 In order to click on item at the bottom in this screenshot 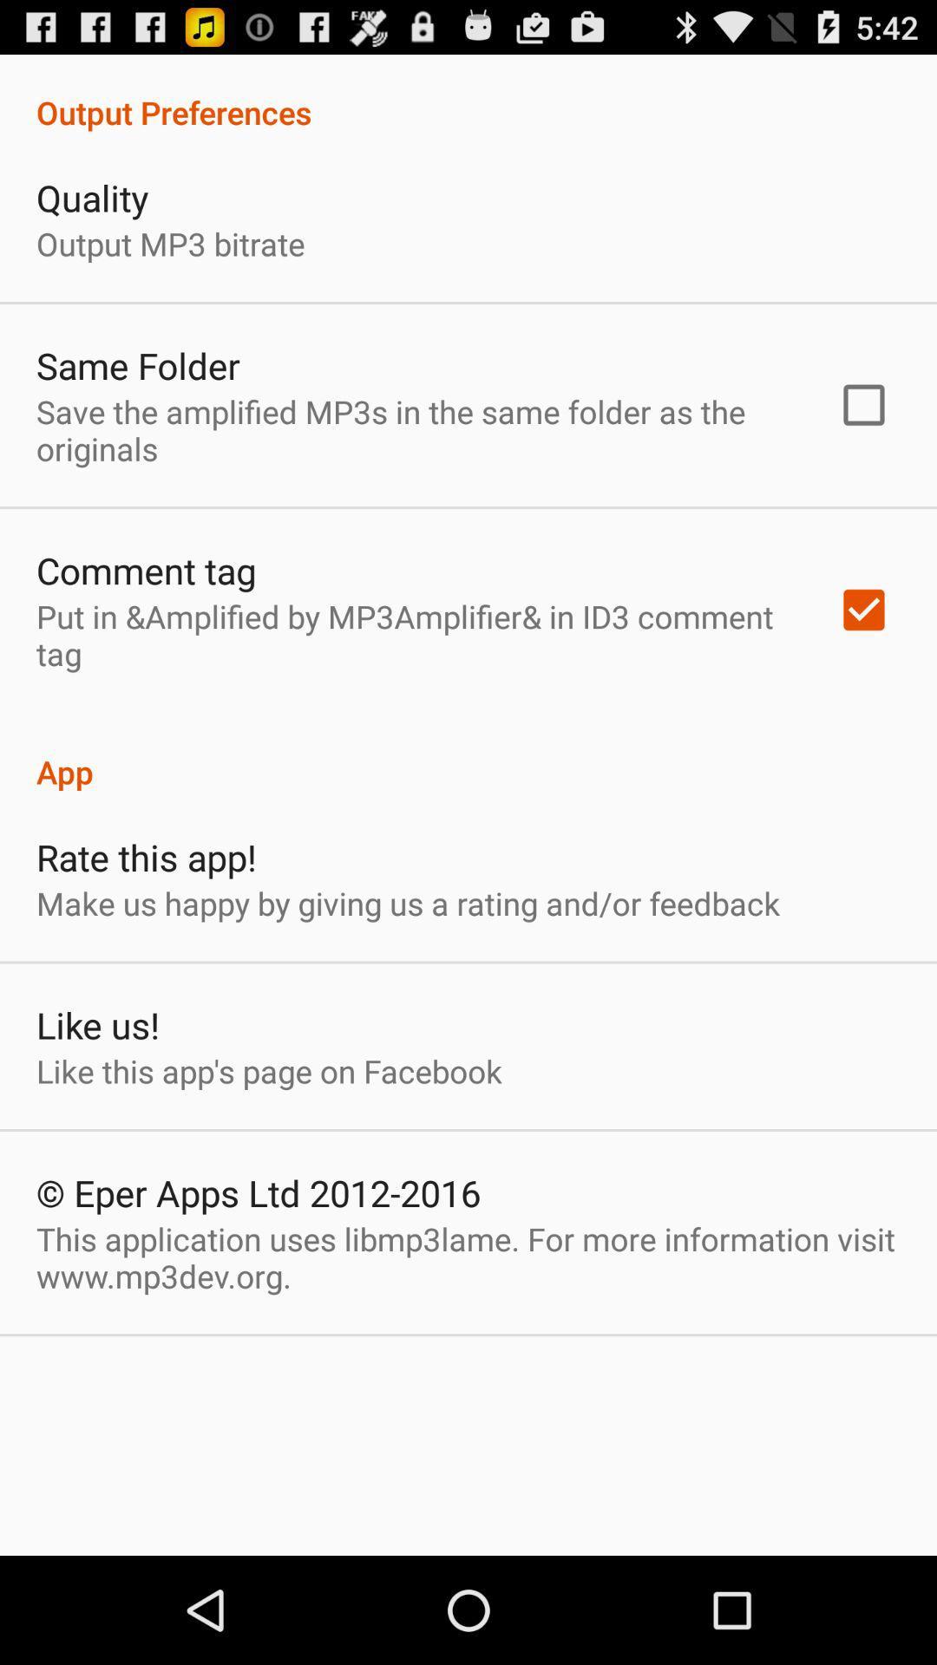, I will do `click(468, 1257)`.